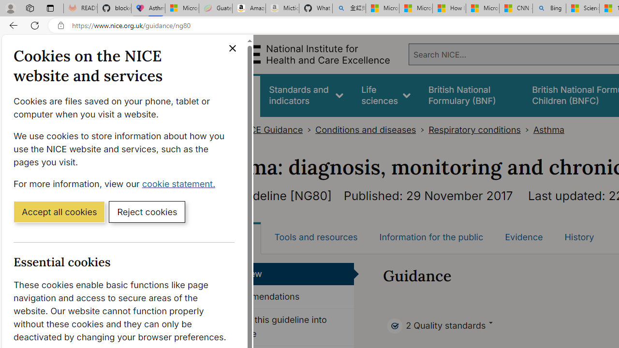 The height and width of the screenshot is (348, 619). What do you see at coordinates (271, 130) in the screenshot?
I see `'NICE Guidance'` at bounding box center [271, 130].